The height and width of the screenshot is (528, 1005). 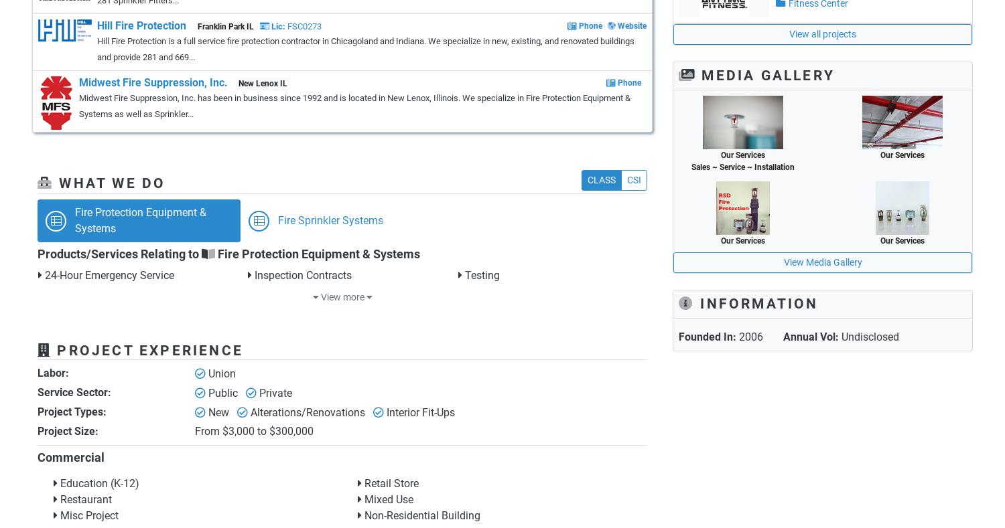 I want to click on 'Labor:', so click(x=52, y=373).